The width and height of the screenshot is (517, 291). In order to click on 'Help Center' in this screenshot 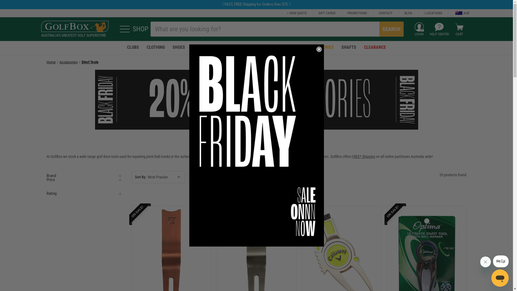, I will do `click(434, 27)`.